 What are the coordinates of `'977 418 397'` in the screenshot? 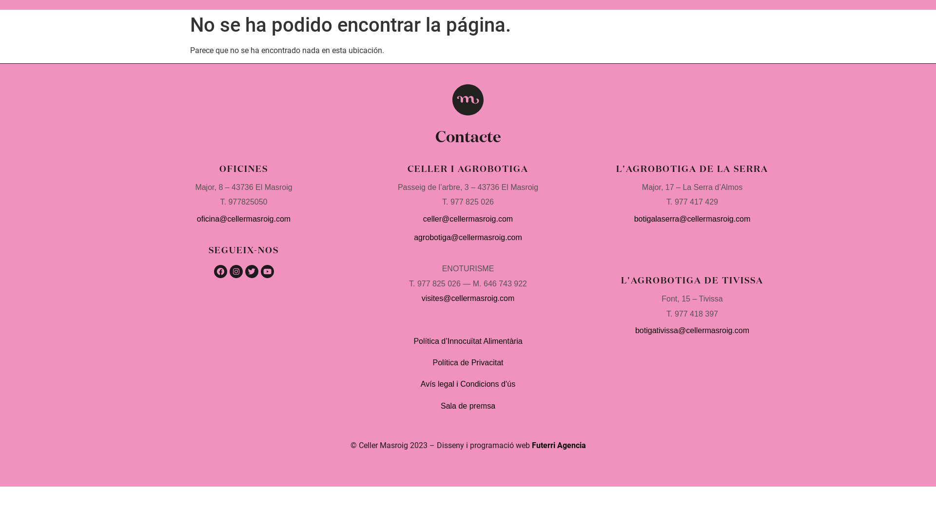 It's located at (695, 314).